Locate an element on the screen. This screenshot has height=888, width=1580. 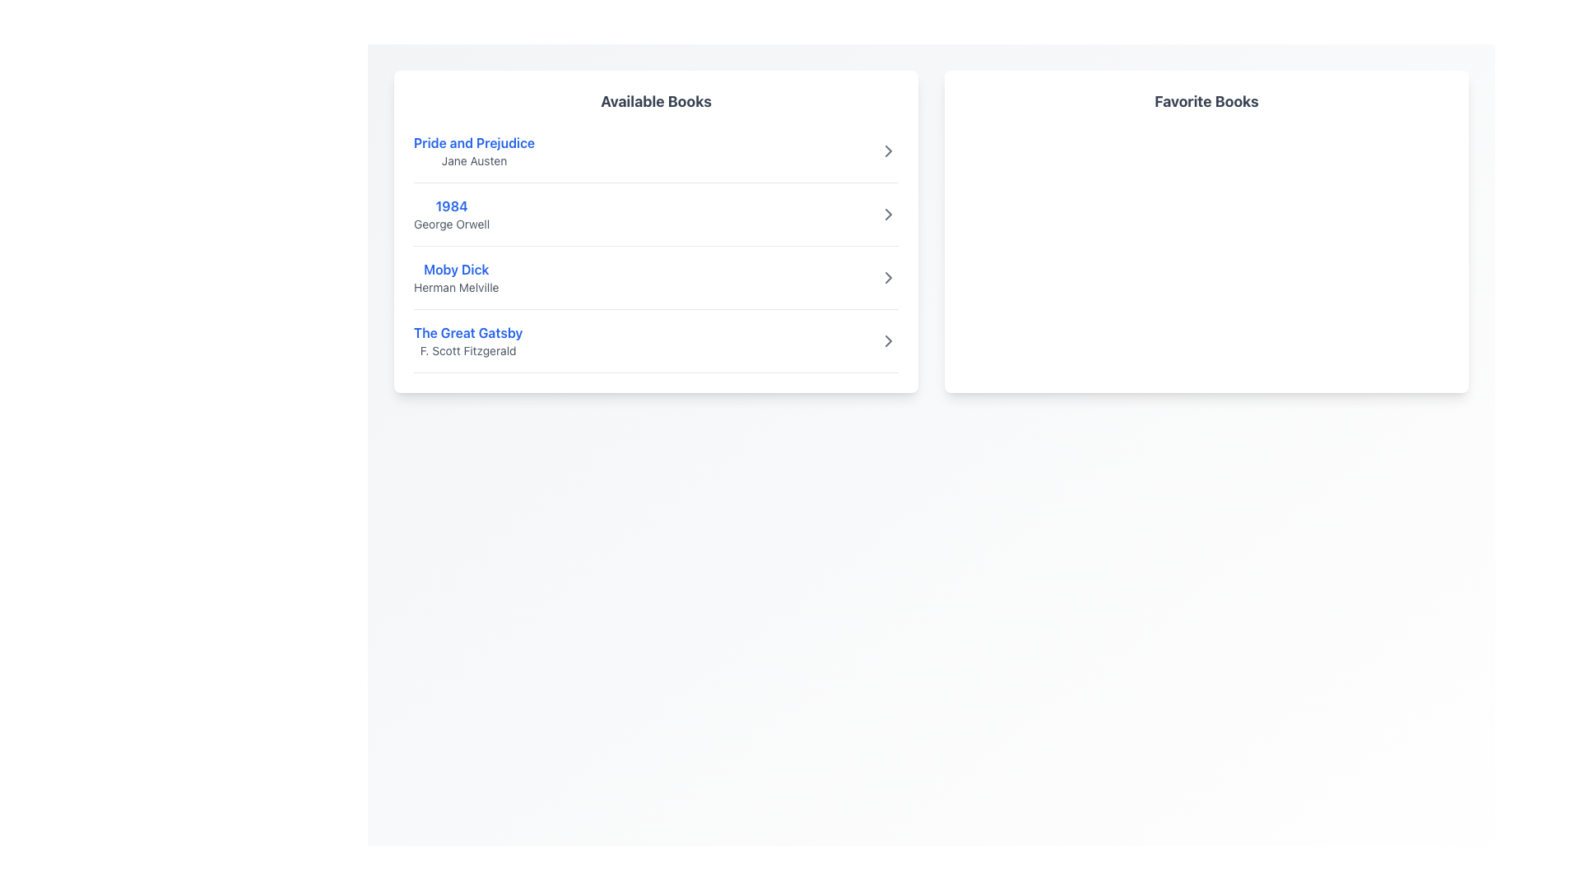
the bold blue text '1984' in the 'Available Books' section is located at coordinates (452, 205).